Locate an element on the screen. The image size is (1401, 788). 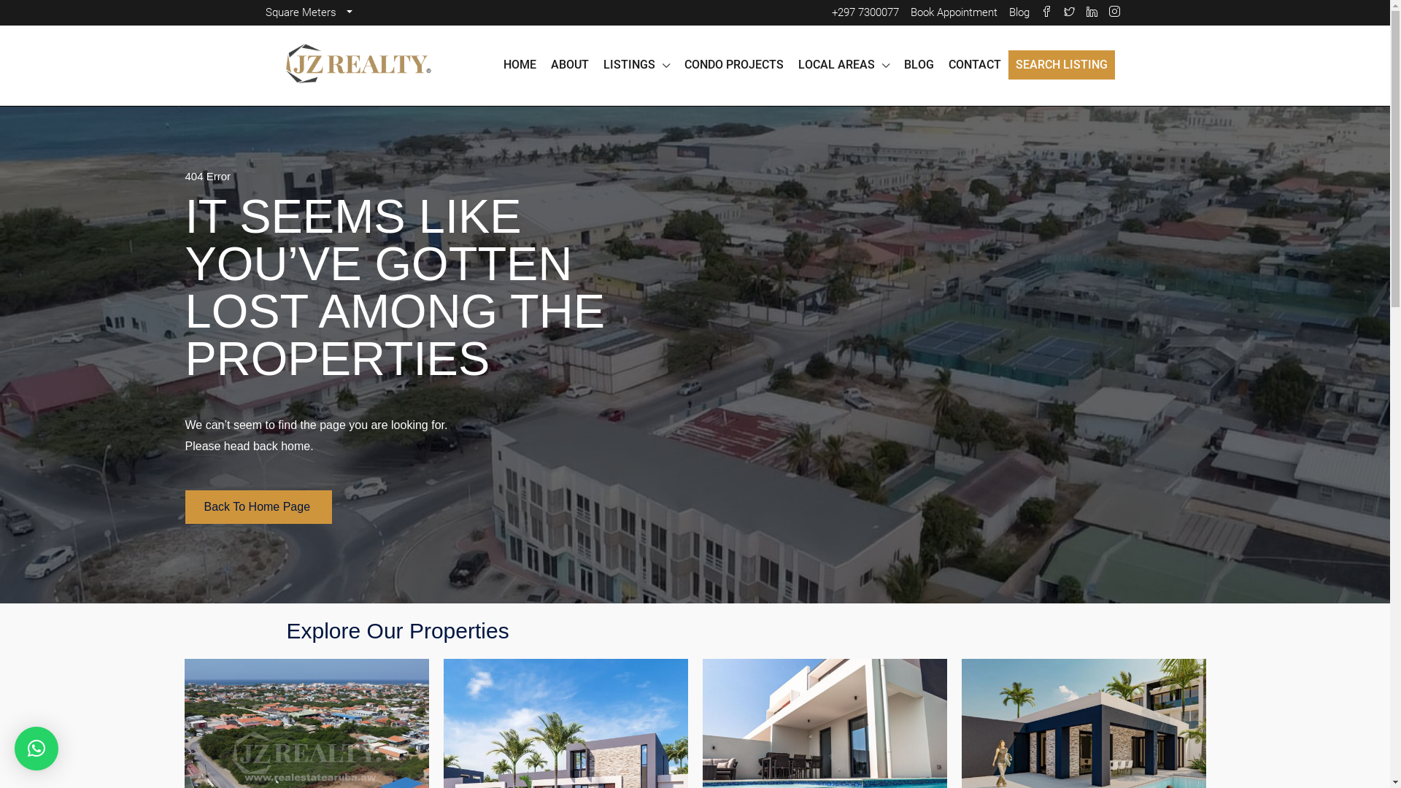
'LISTINGS' is located at coordinates (636, 64).